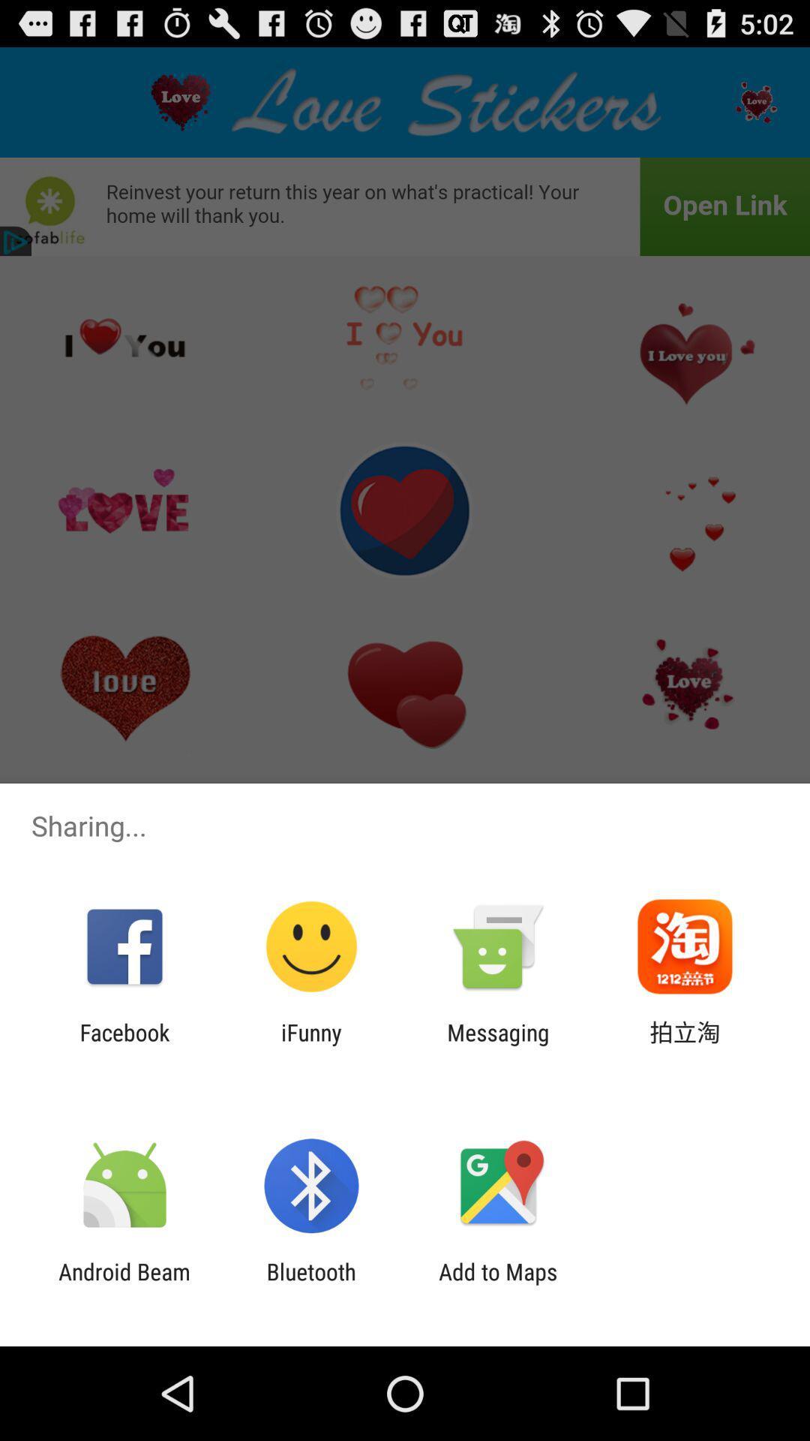  What do you see at coordinates (498, 1045) in the screenshot?
I see `the messaging app` at bounding box center [498, 1045].